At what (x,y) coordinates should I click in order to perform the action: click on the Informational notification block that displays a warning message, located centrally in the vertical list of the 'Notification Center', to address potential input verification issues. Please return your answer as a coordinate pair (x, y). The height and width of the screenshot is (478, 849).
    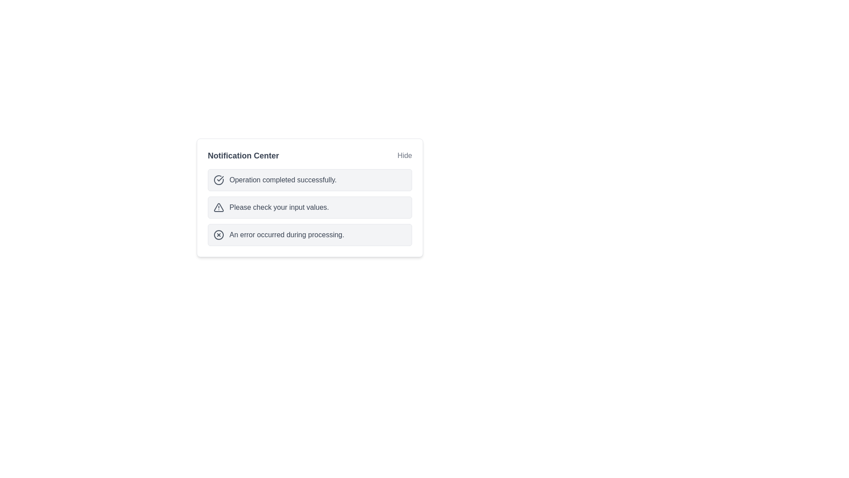
    Looking at the image, I should click on (310, 208).